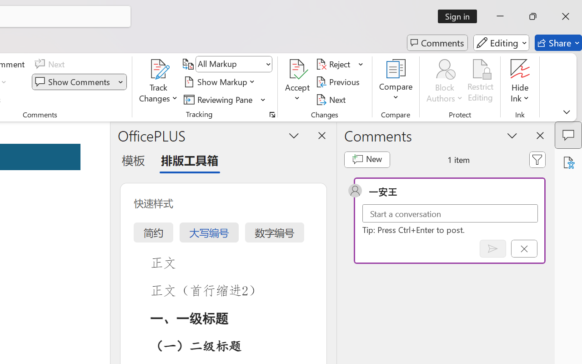  Describe the element at coordinates (331, 99) in the screenshot. I see `'Next'` at that location.